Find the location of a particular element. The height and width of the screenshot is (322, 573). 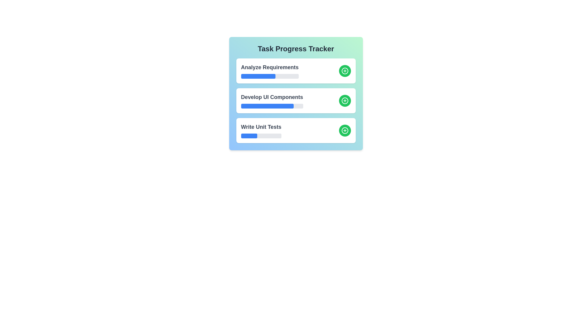

'+' button for the task 'Write Unit Tests' to increase its progress is located at coordinates (345, 130).